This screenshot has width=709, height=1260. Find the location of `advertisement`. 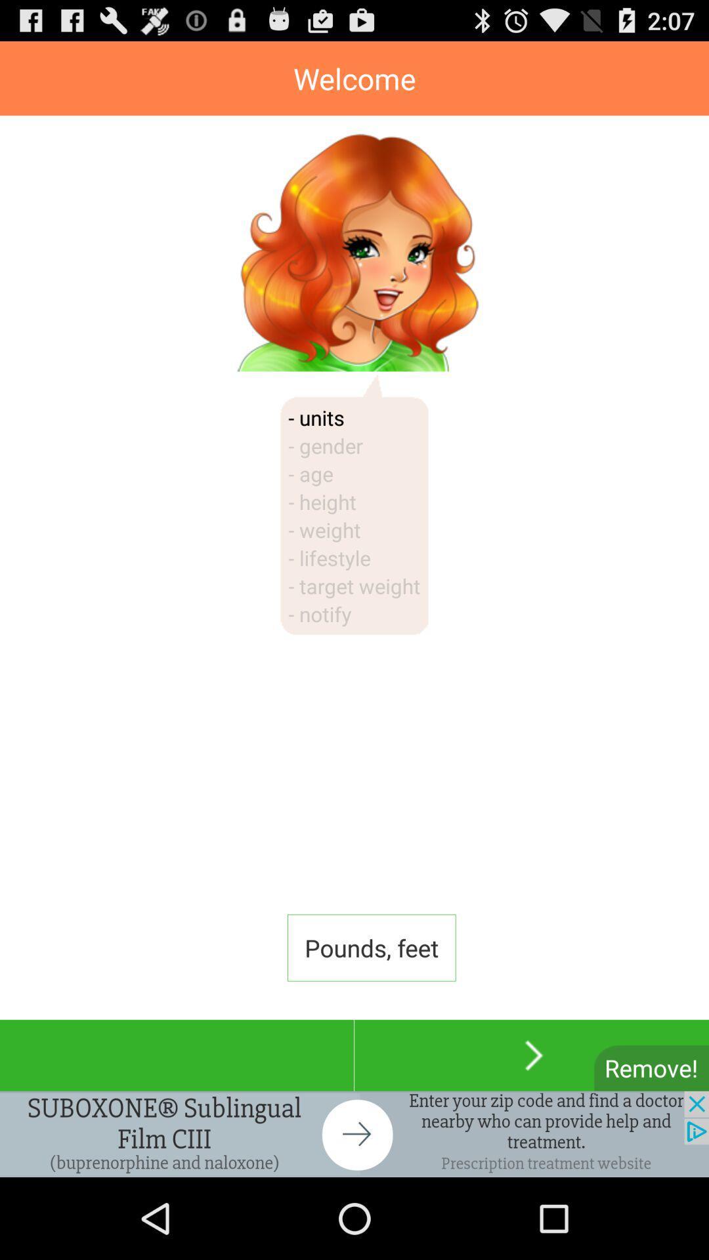

advertisement is located at coordinates (354, 1133).